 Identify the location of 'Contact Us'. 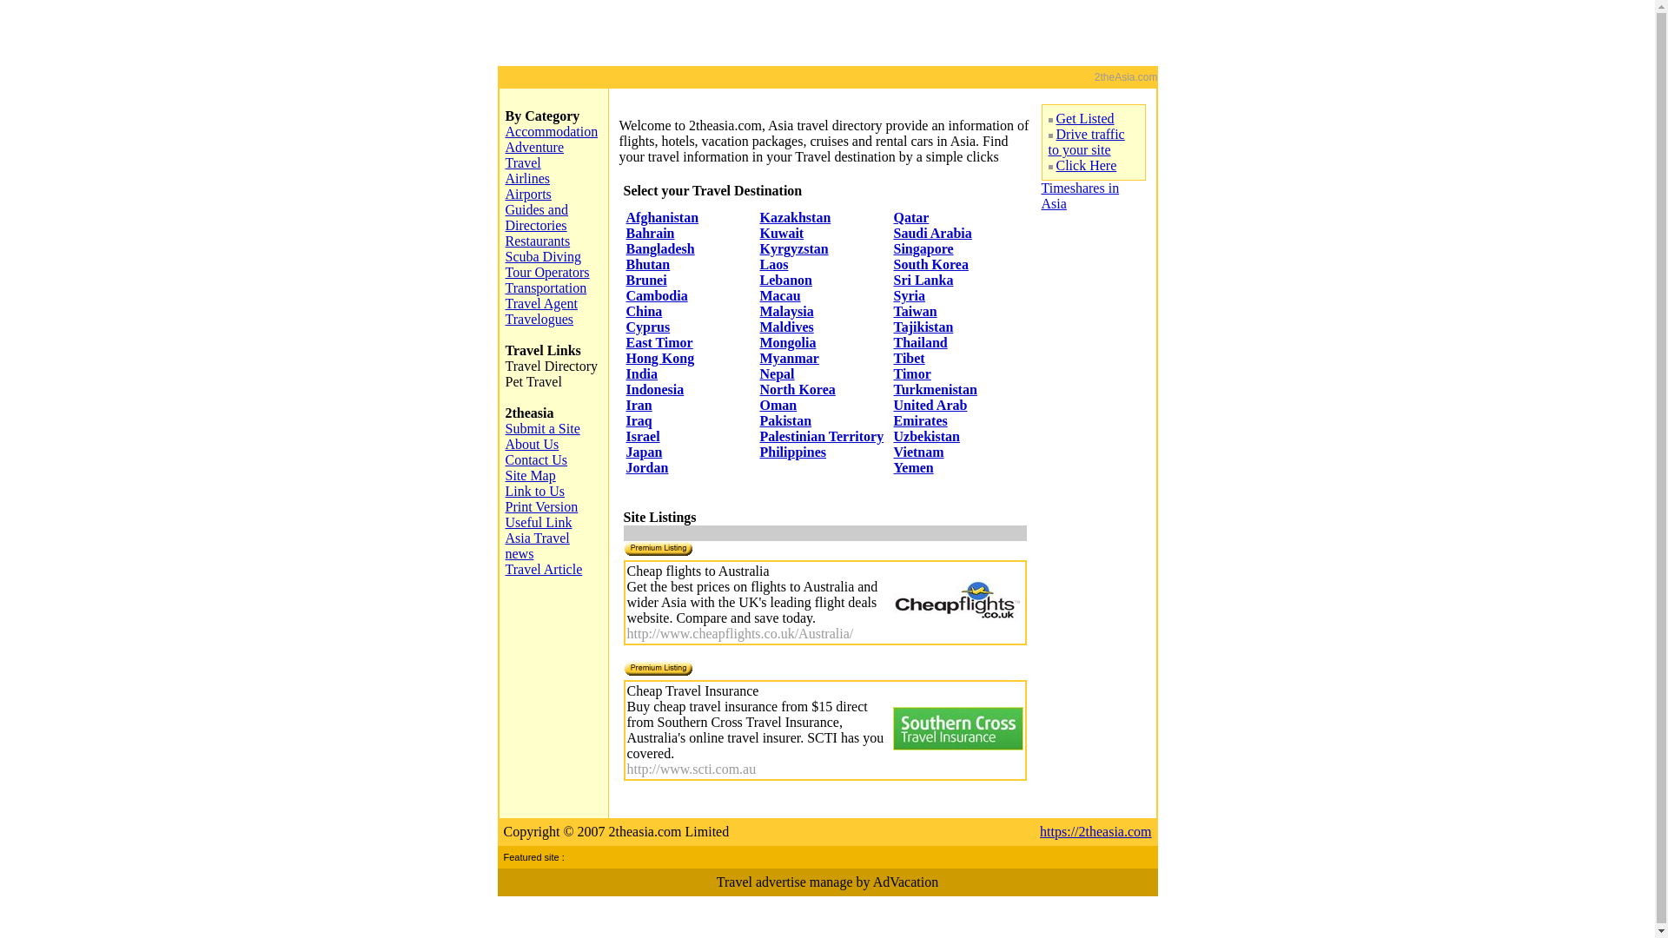
(536, 459).